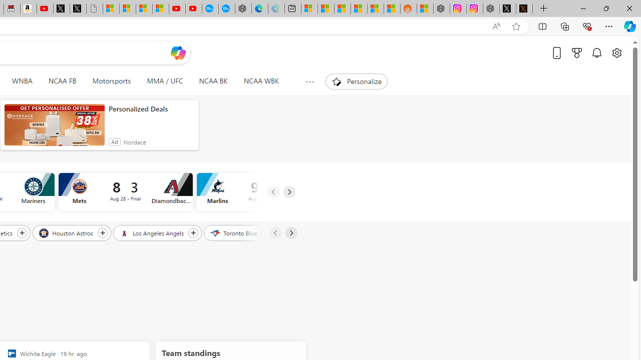  Describe the element at coordinates (66, 232) in the screenshot. I see `'Houston Astros'` at that location.